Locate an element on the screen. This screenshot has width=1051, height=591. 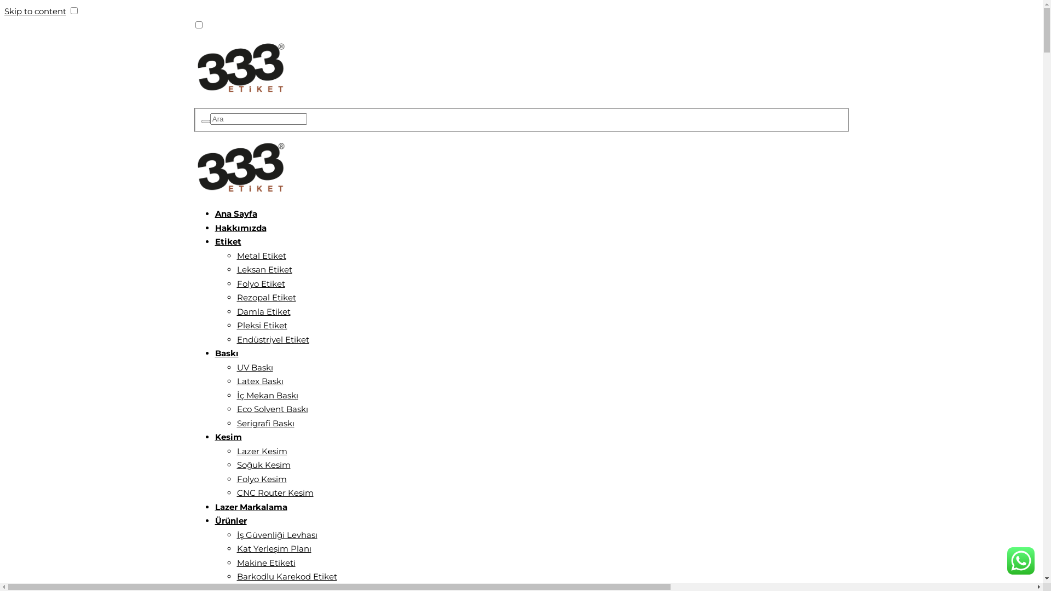
'Ara' is located at coordinates (205, 121).